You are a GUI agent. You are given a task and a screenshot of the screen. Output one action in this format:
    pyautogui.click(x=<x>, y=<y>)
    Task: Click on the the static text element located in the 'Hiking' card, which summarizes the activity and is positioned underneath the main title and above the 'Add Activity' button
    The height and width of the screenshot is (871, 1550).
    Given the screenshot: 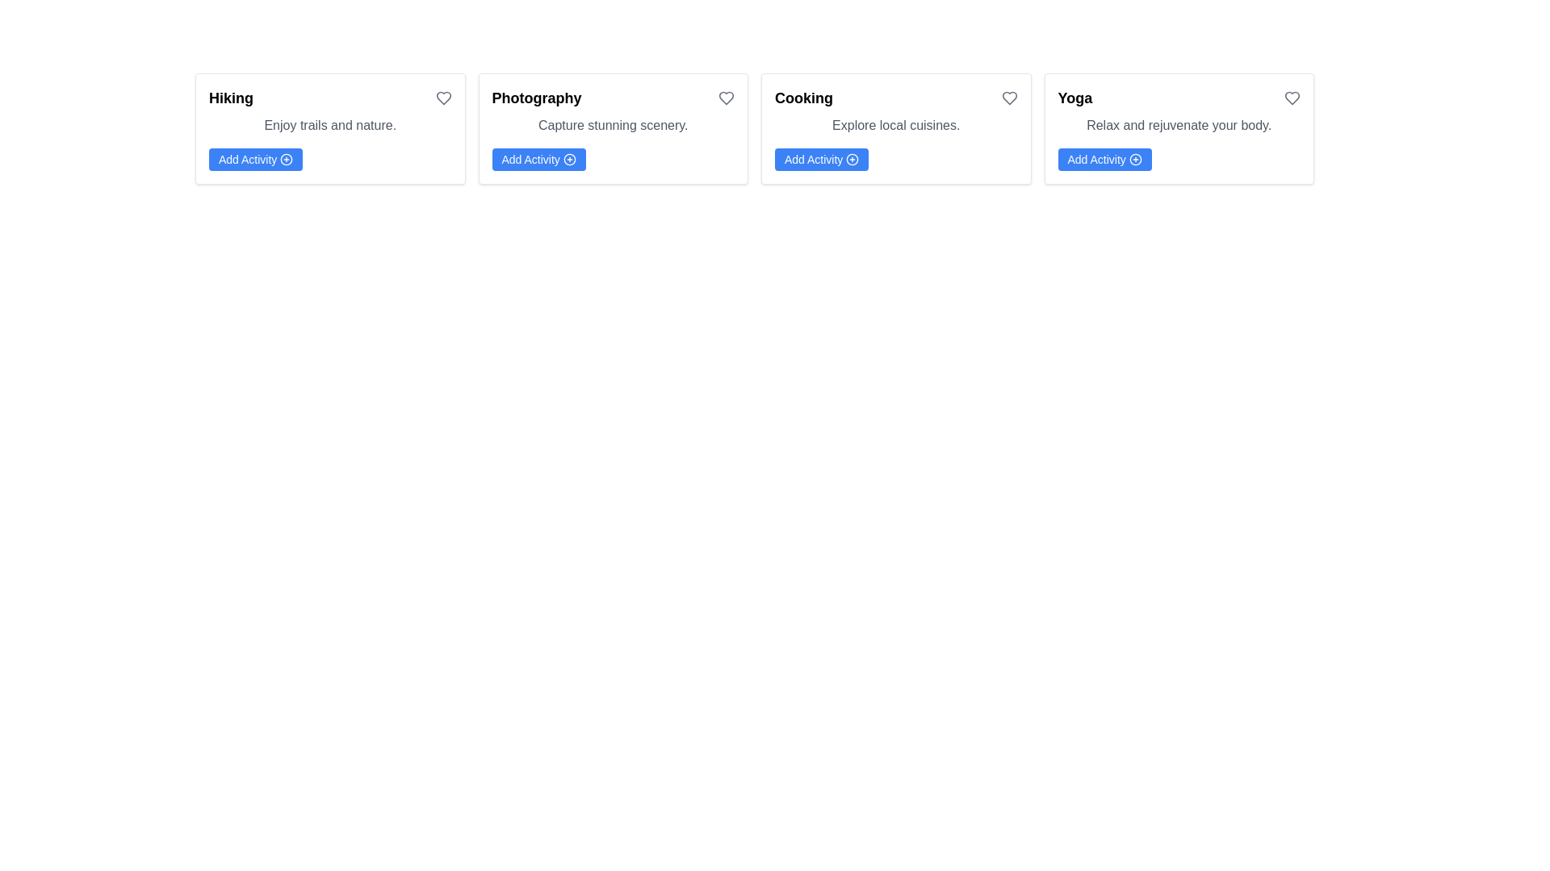 What is the action you would take?
    pyautogui.click(x=329, y=124)
    